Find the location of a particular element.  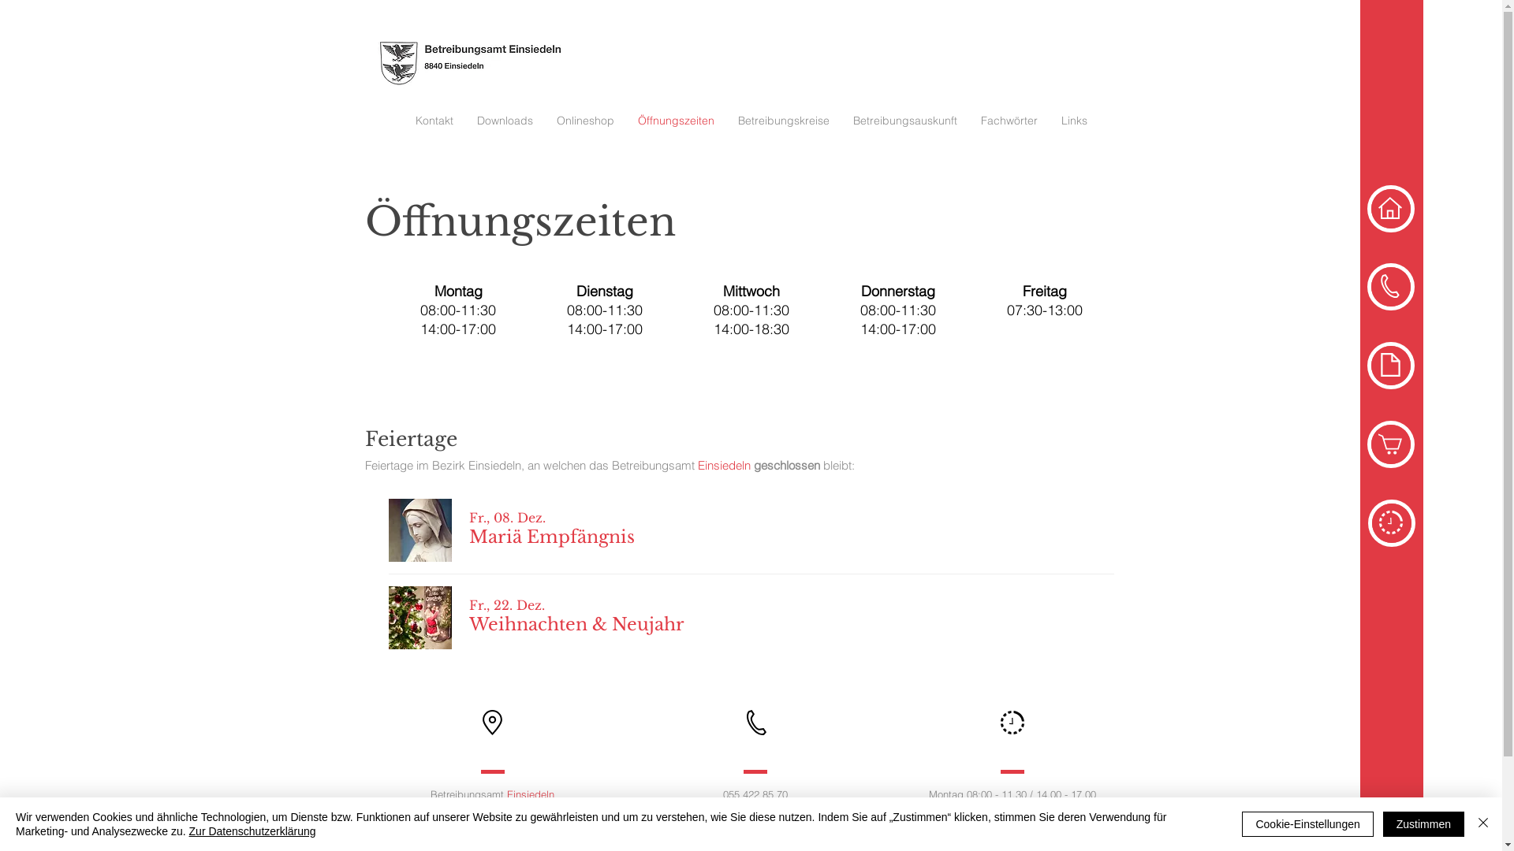

'Onlineshop' is located at coordinates (545, 120).